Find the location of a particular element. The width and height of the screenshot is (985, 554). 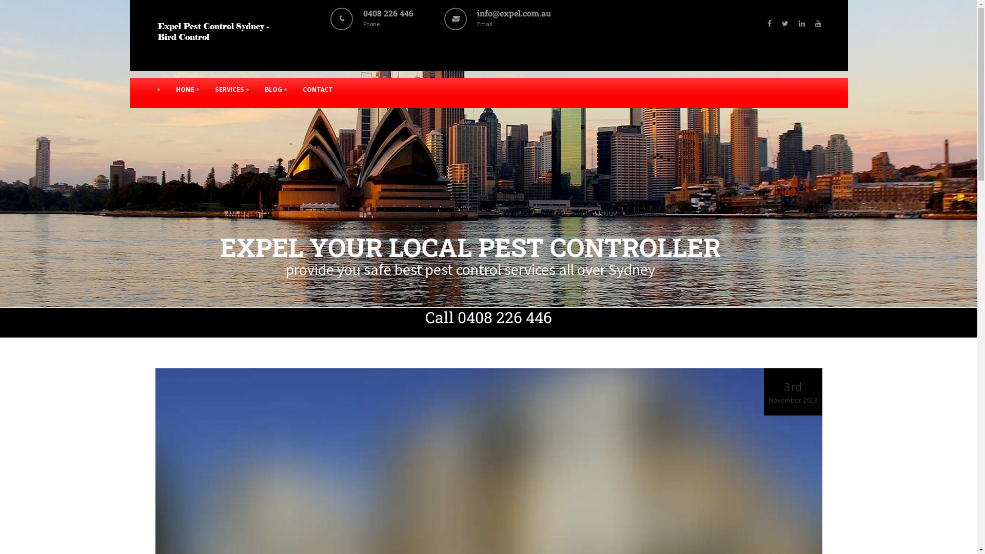

'Expel Pest Control Solutions' is located at coordinates (213, 45).